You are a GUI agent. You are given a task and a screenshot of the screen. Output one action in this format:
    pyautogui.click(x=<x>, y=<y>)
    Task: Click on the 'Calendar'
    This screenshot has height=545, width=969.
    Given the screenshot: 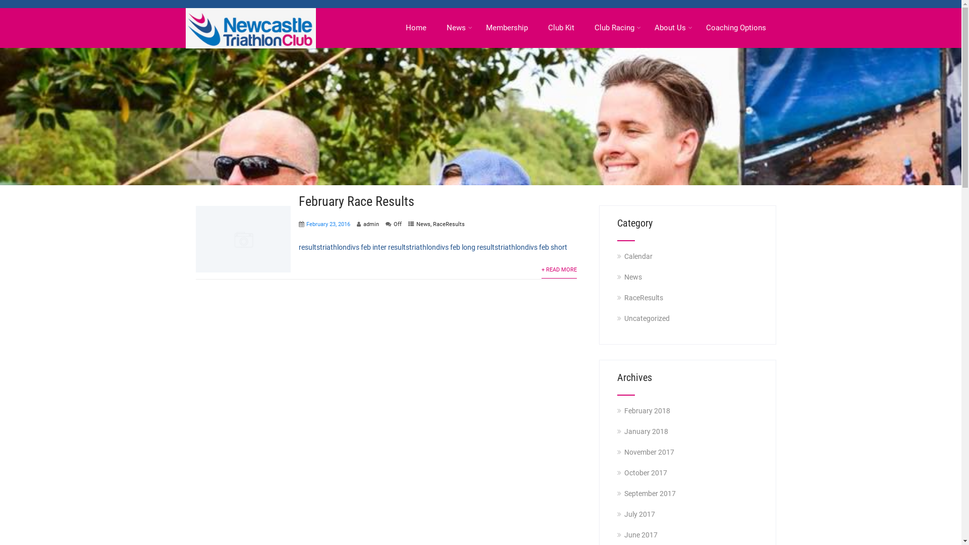 What is the action you would take?
    pyautogui.click(x=638, y=256)
    